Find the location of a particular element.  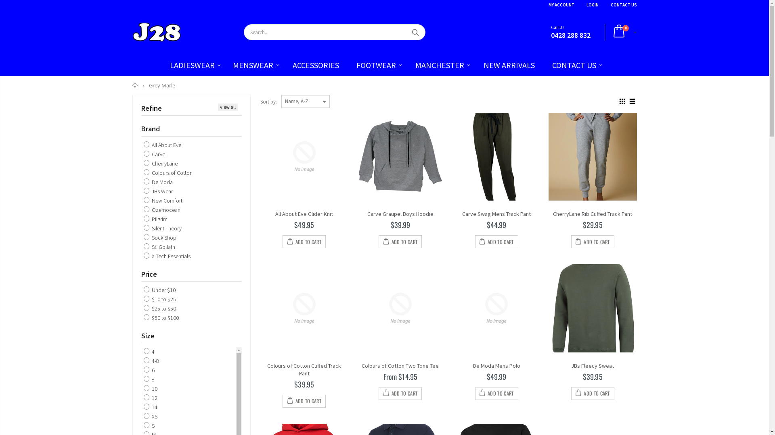

'New Comfort' is located at coordinates (162, 200).